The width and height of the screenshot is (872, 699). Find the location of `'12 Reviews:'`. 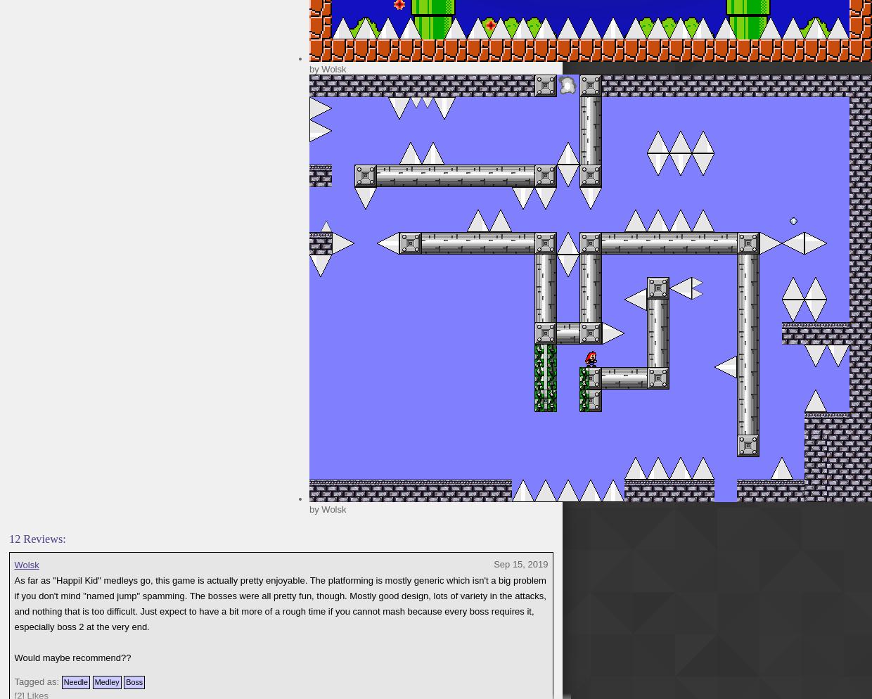

'12 Reviews:' is located at coordinates (8, 538).